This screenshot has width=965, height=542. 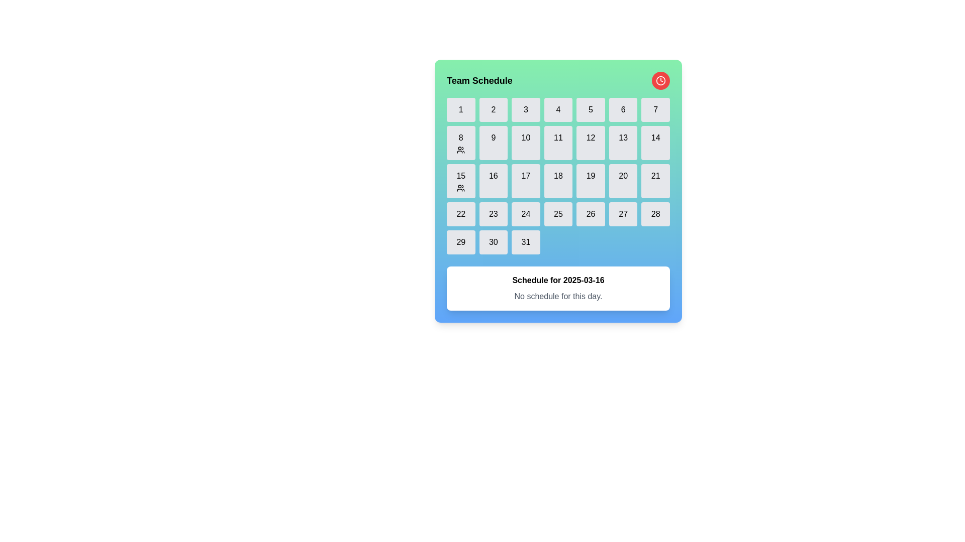 I want to click on the second box in the last row of the calendar grid, which represents a specific date in the calendar interface, so click(x=493, y=242).